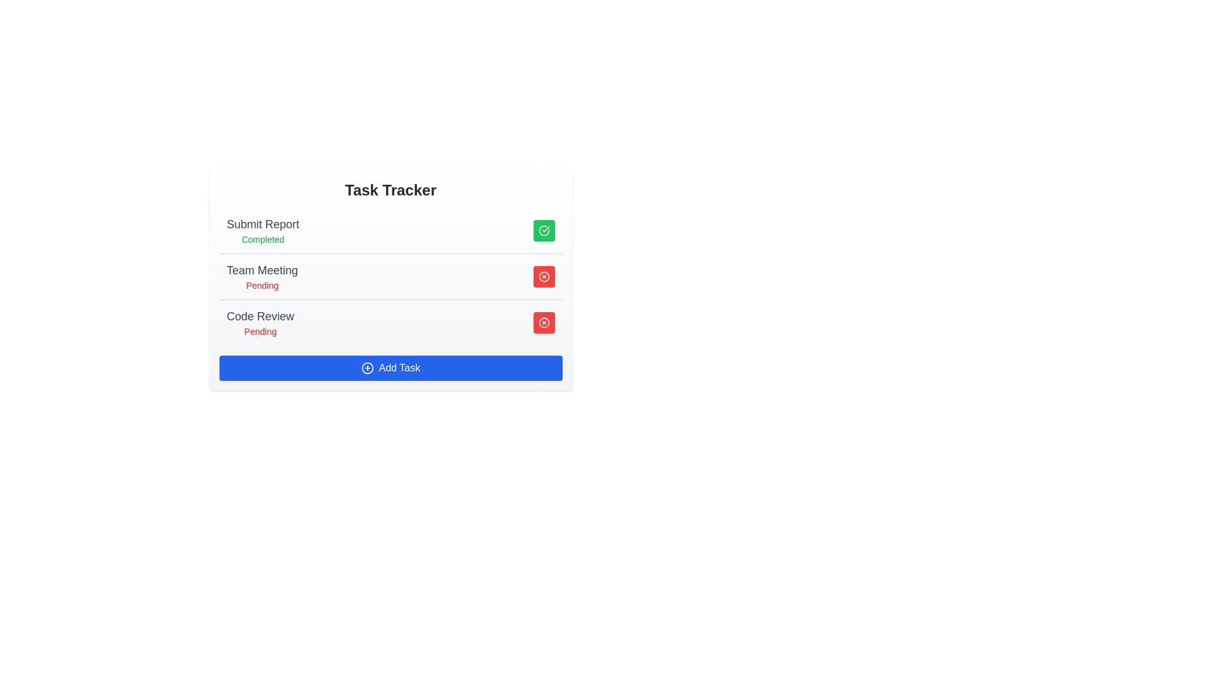 Image resolution: width=1211 pixels, height=681 pixels. I want to click on the small square red button with a white cross icon in the top-right corner of the 'Team Meeting' task entry, so click(544, 276).